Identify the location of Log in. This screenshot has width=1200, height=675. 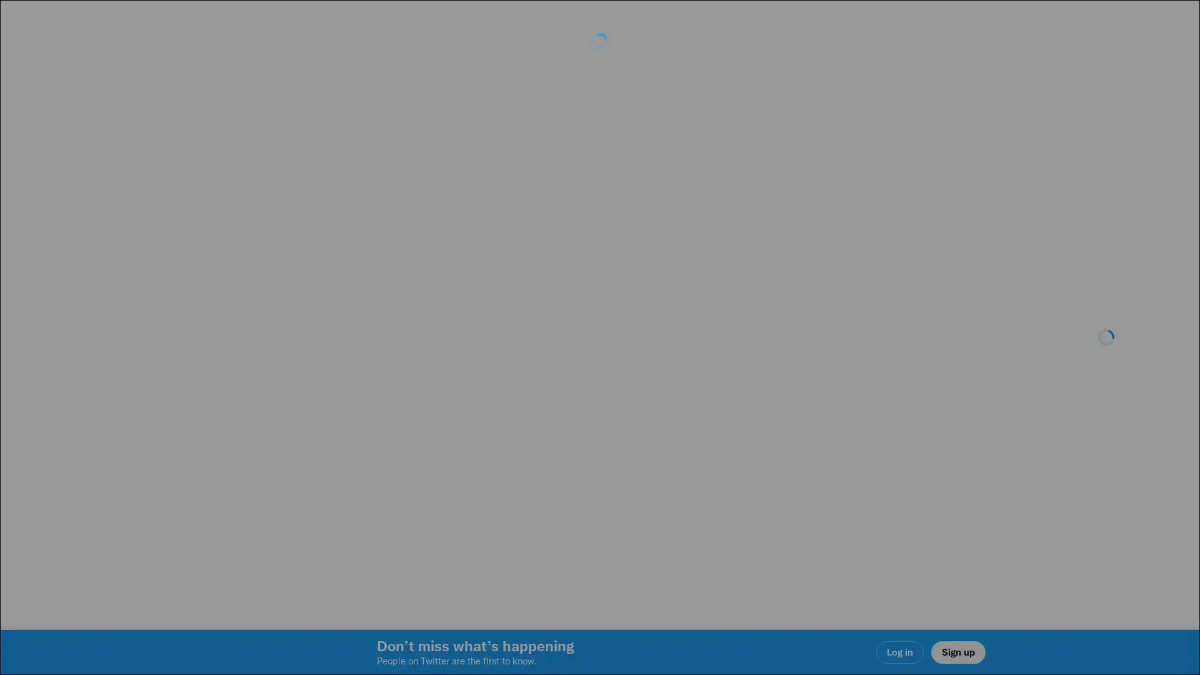
(750, 426).